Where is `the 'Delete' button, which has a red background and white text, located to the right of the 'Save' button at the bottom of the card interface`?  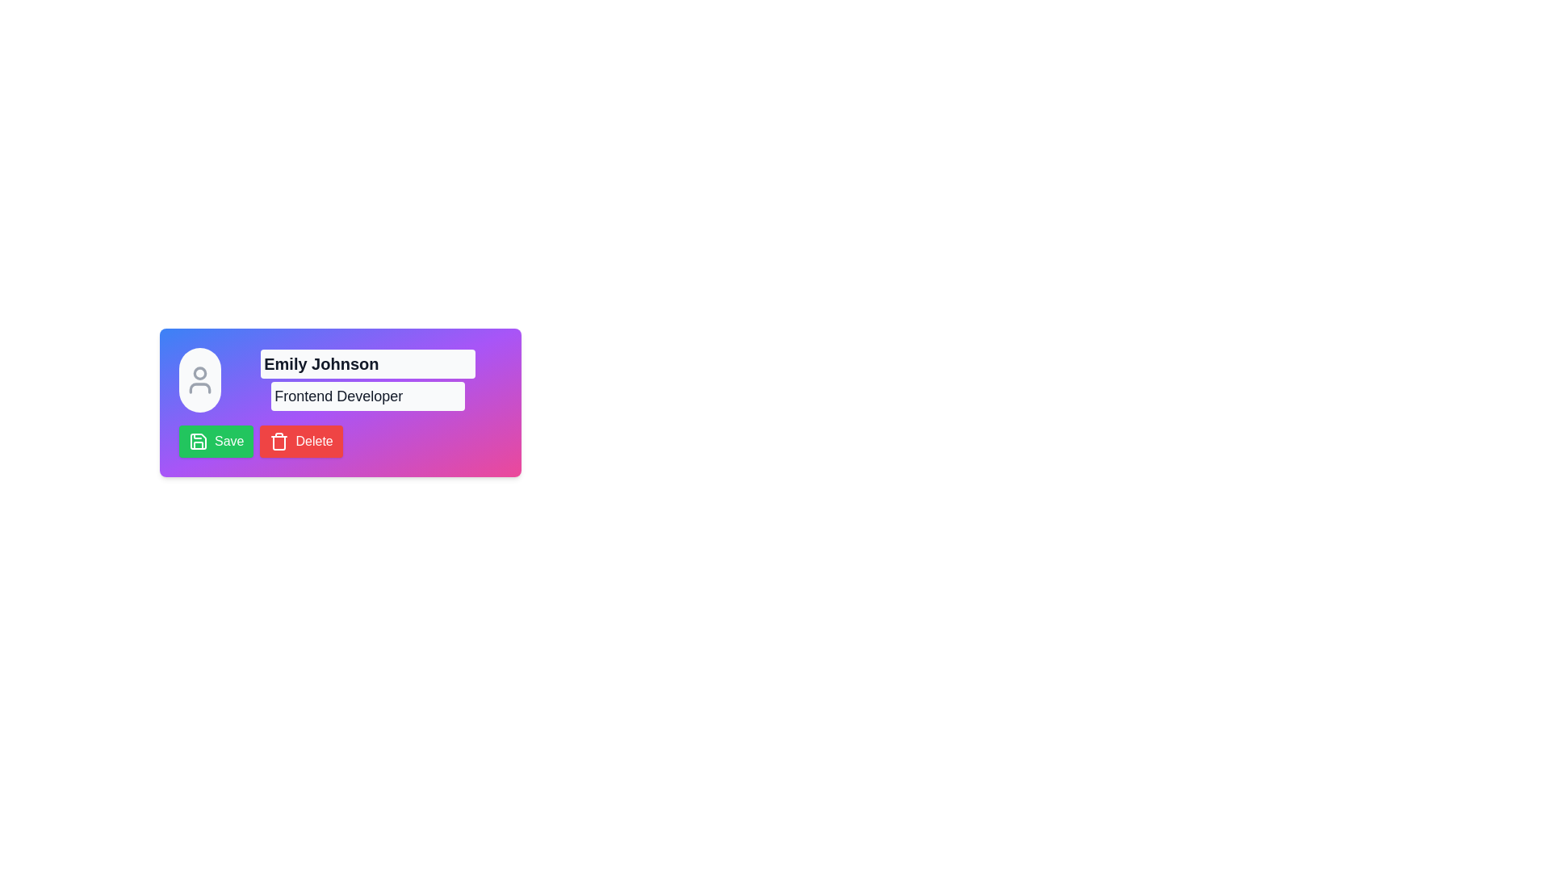 the 'Delete' button, which has a red background and white text, located to the right of the 'Save' button at the bottom of the card interface is located at coordinates (340, 442).